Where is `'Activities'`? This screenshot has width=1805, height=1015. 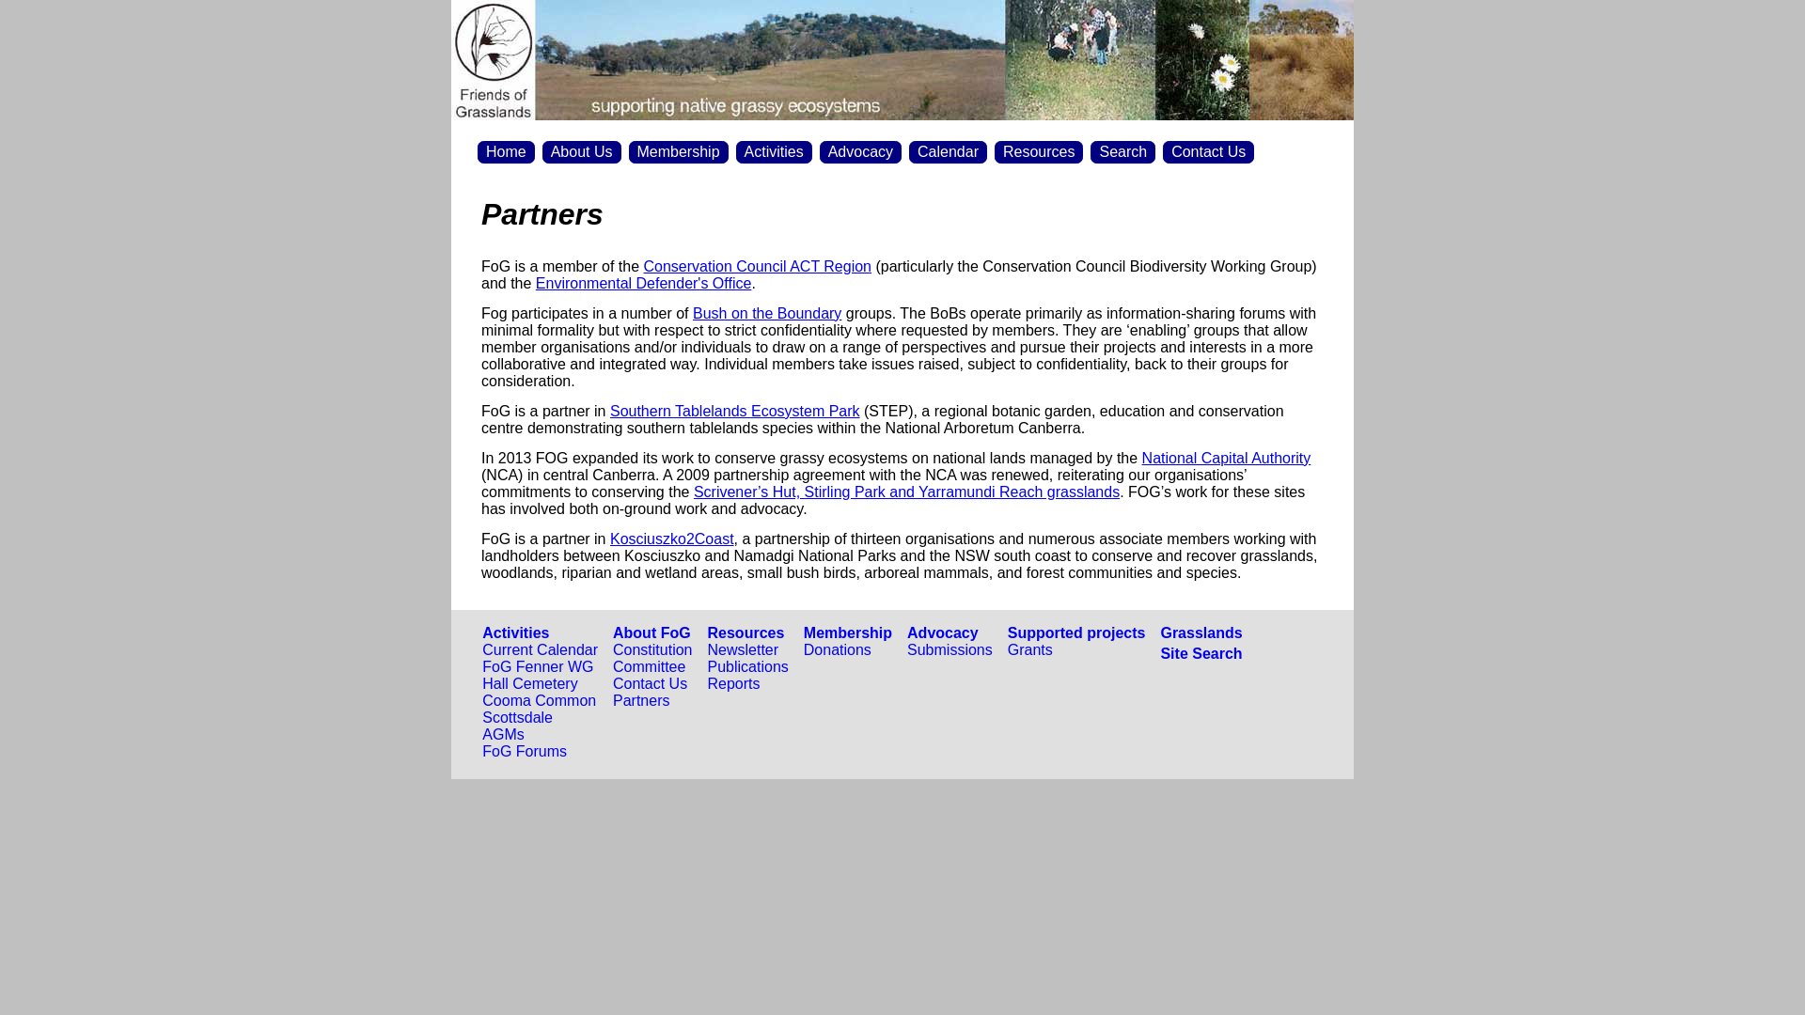 'Activities' is located at coordinates (774, 151).